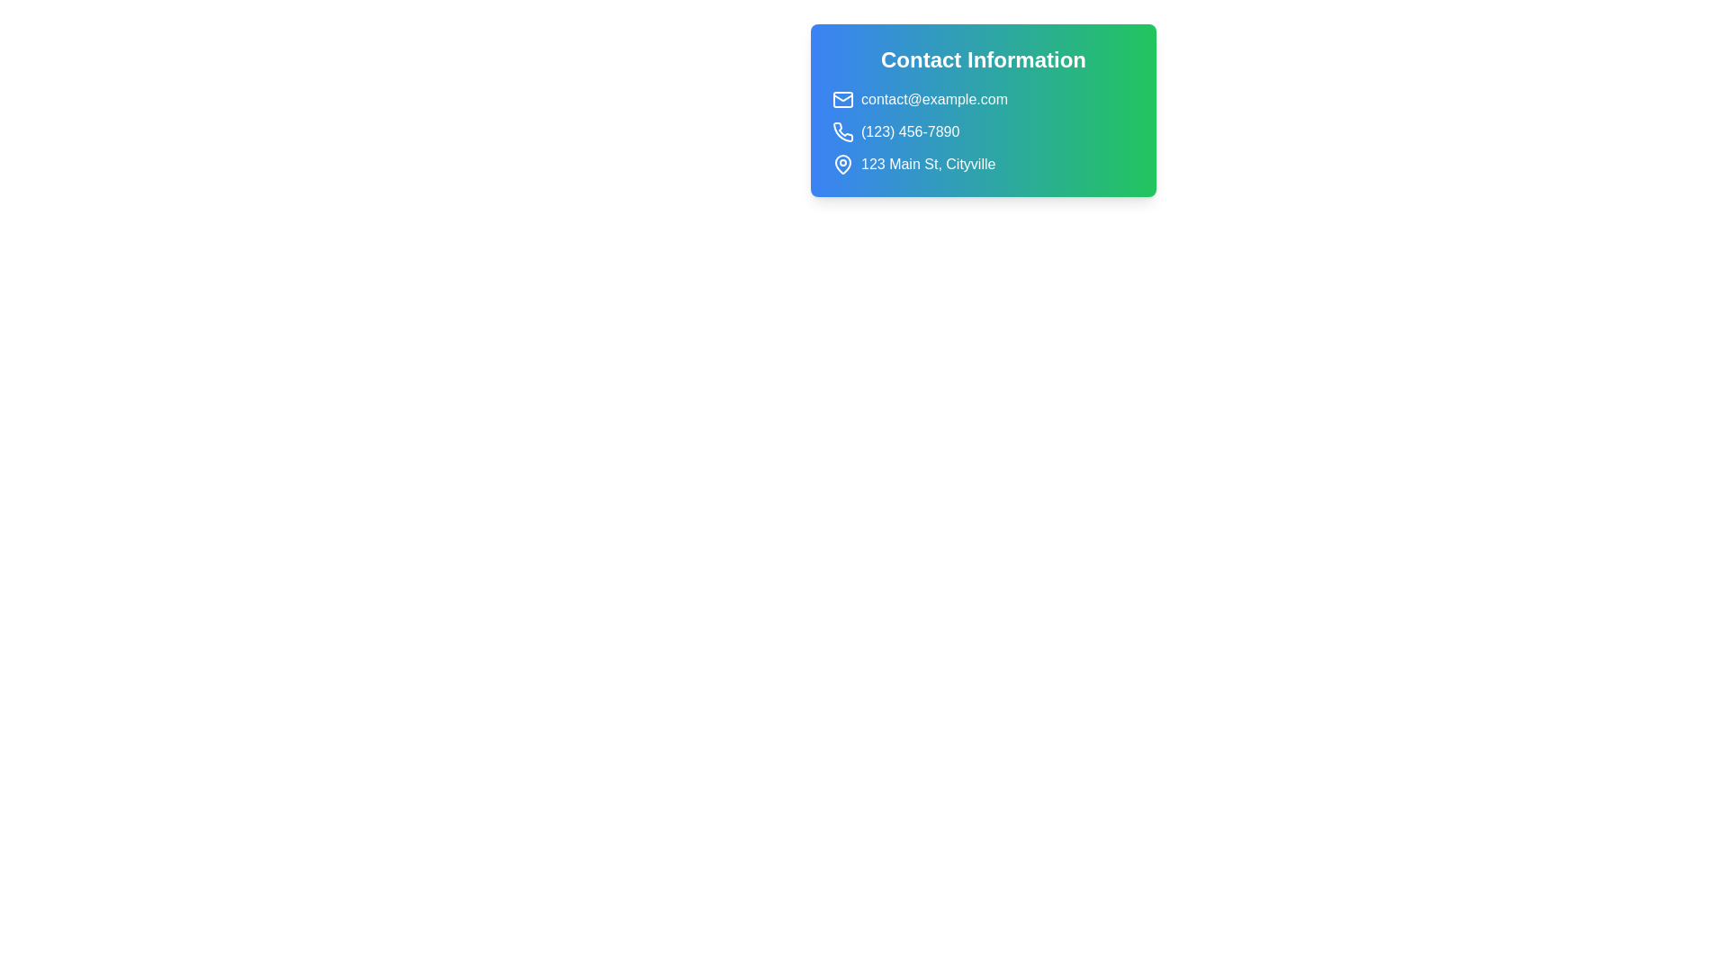 Image resolution: width=1728 pixels, height=972 pixels. I want to click on text 'Contact Information' displayed in a large, bold font at the top of the card component with a gradient background, so click(983, 58).